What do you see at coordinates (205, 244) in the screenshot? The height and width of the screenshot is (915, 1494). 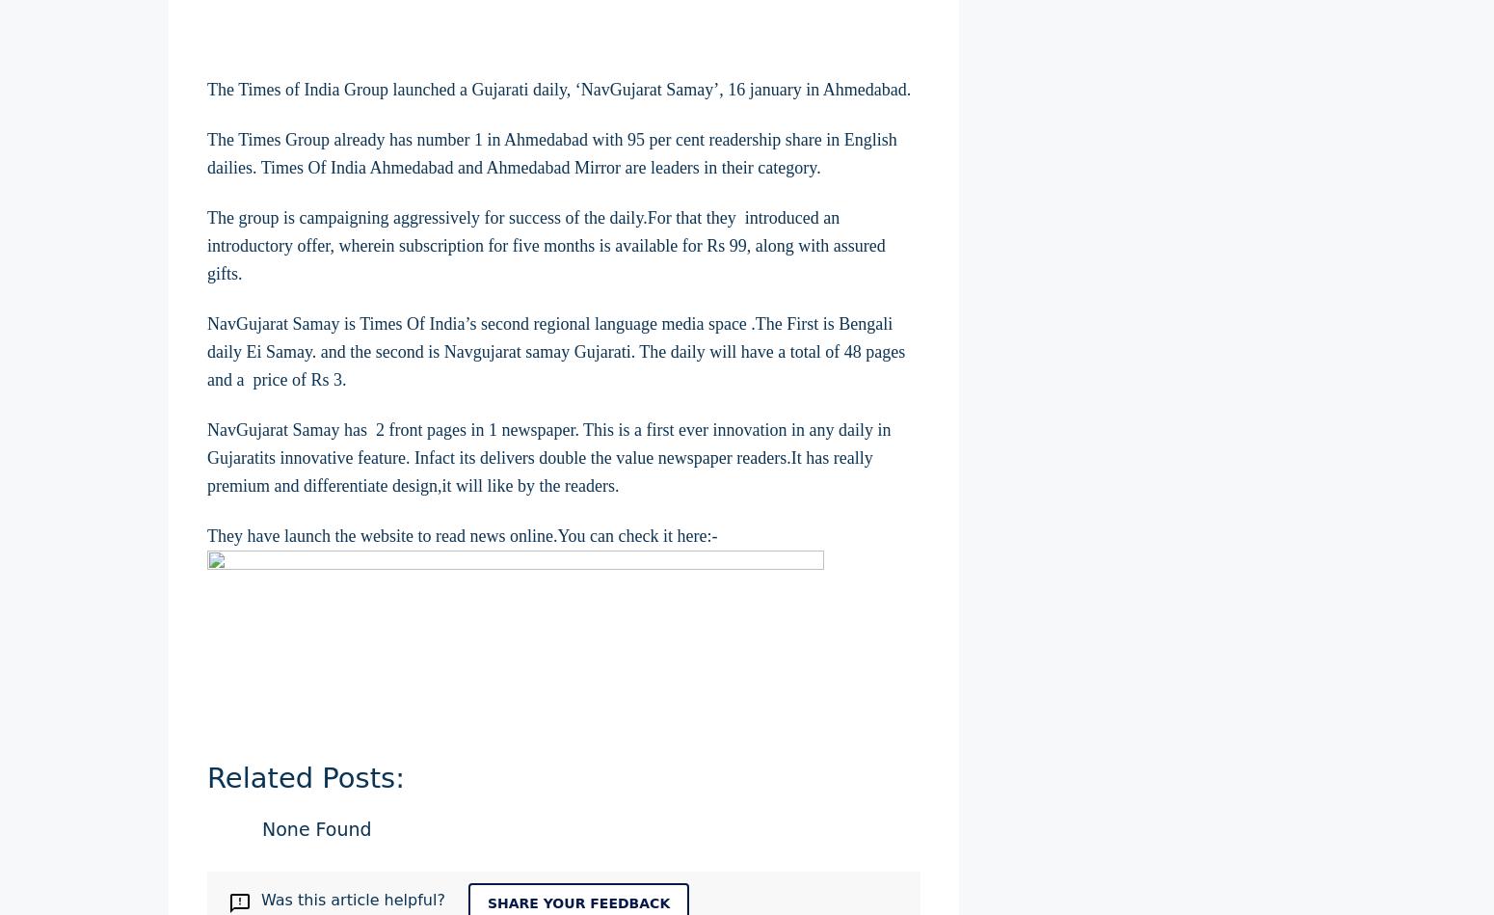 I see `'The group is campaigning aggressively for success of the daily.For that they  introduced an introductory offer, wherein subscription for five months is available for Rs 99, along with assured gifts.'` at bounding box center [205, 244].